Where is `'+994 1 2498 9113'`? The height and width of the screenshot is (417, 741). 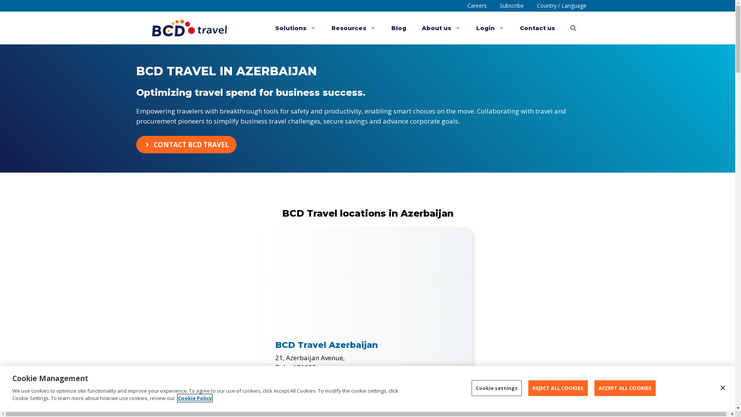 '+994 1 2498 9113' is located at coordinates (281, 377).